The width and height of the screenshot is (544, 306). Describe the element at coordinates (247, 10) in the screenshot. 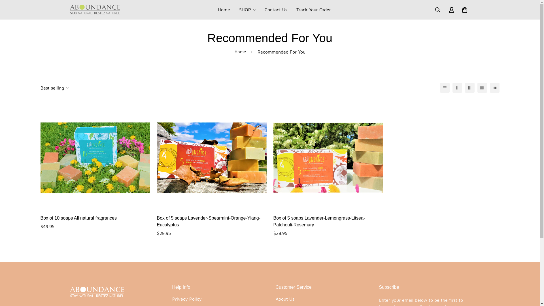

I see `'SHOP'` at that location.